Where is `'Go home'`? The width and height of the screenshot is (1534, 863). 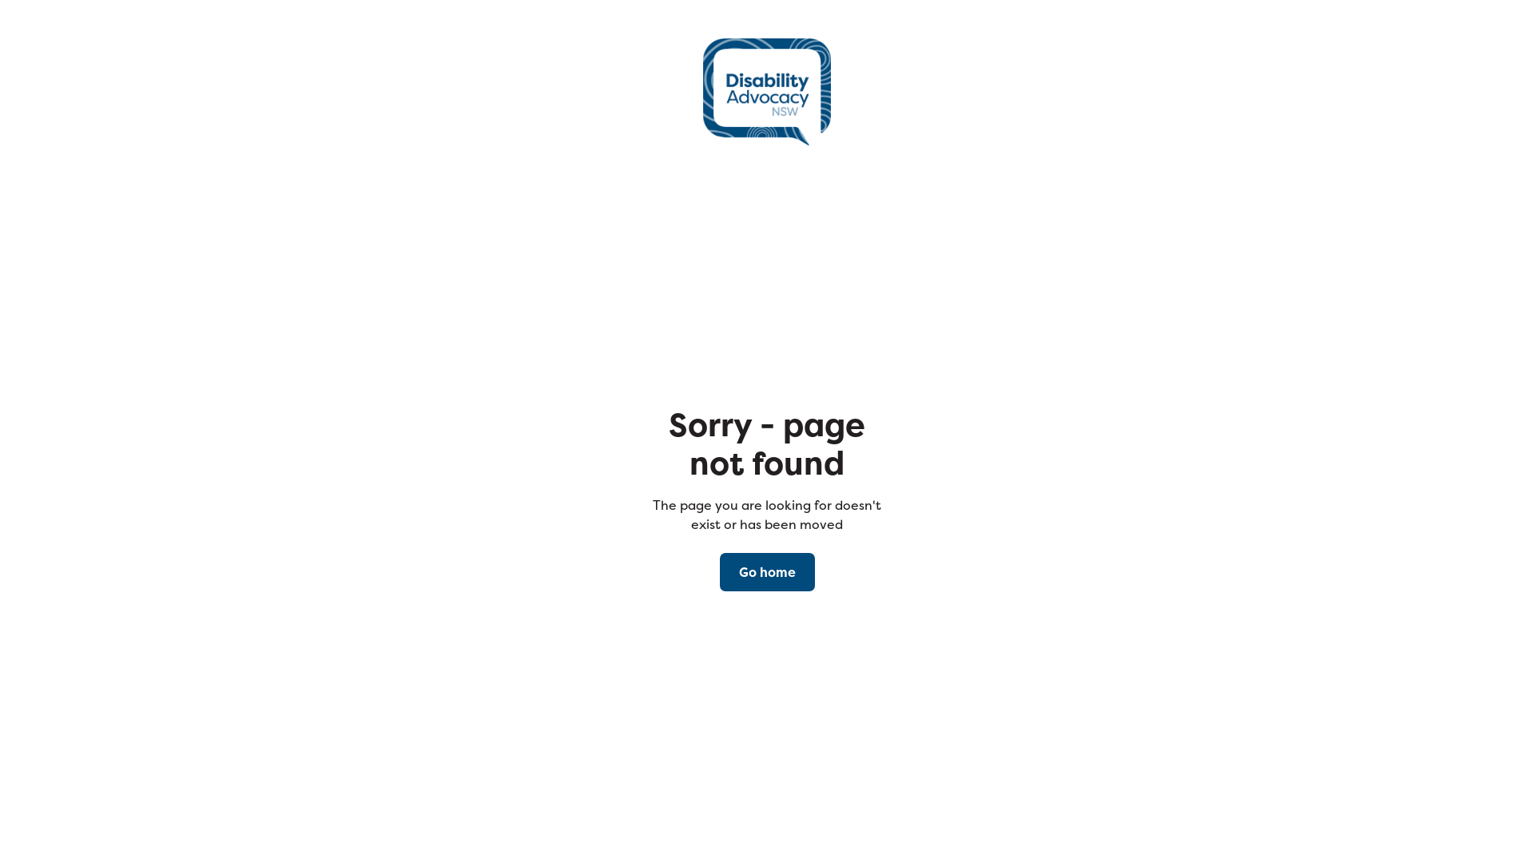 'Go home' is located at coordinates (765, 571).